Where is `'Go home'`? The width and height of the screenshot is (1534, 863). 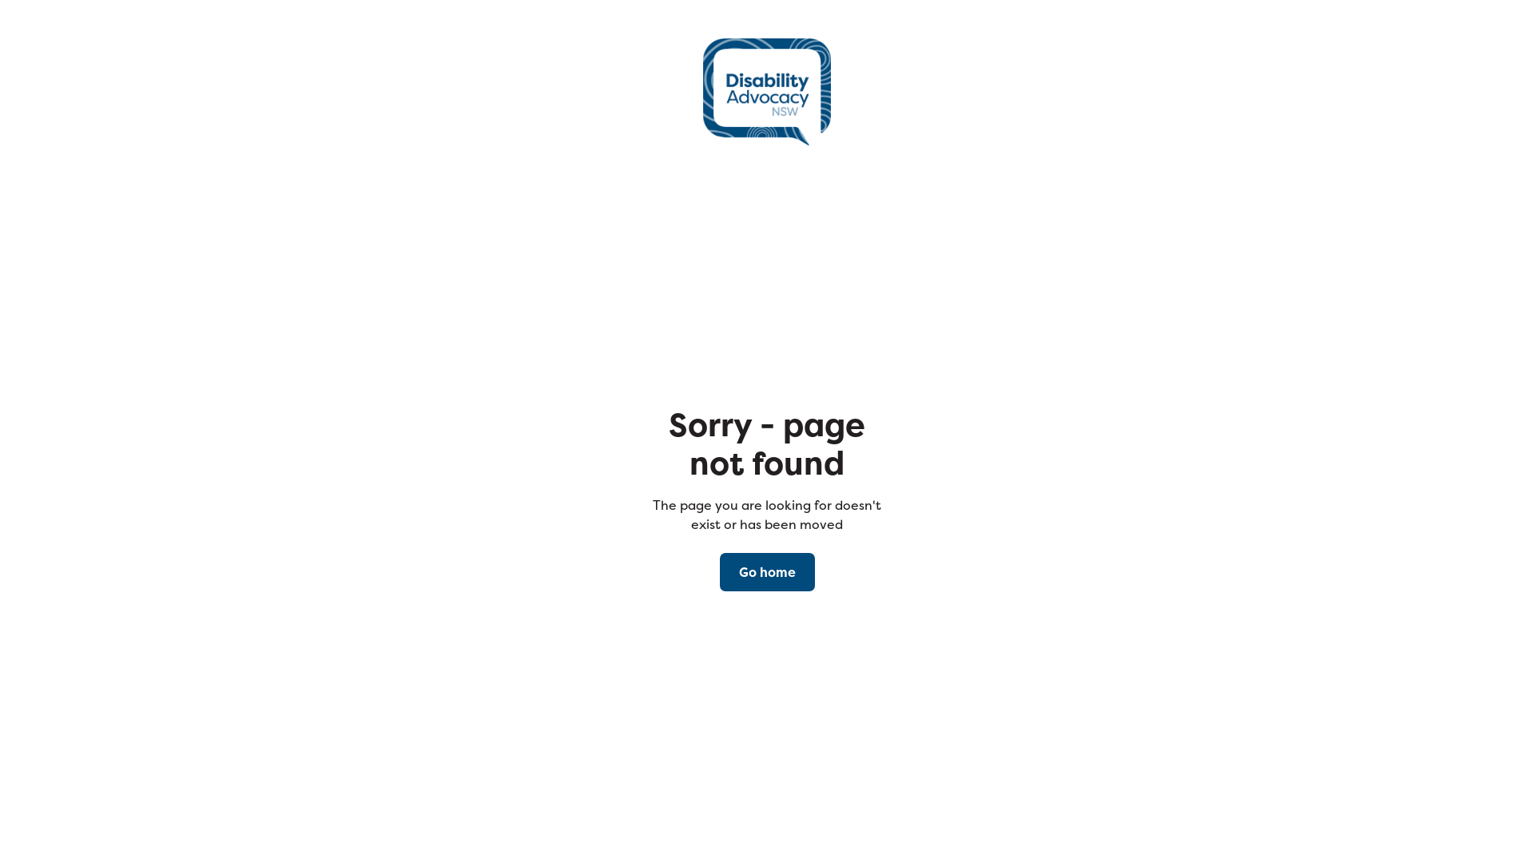 'Go home' is located at coordinates (765, 571).